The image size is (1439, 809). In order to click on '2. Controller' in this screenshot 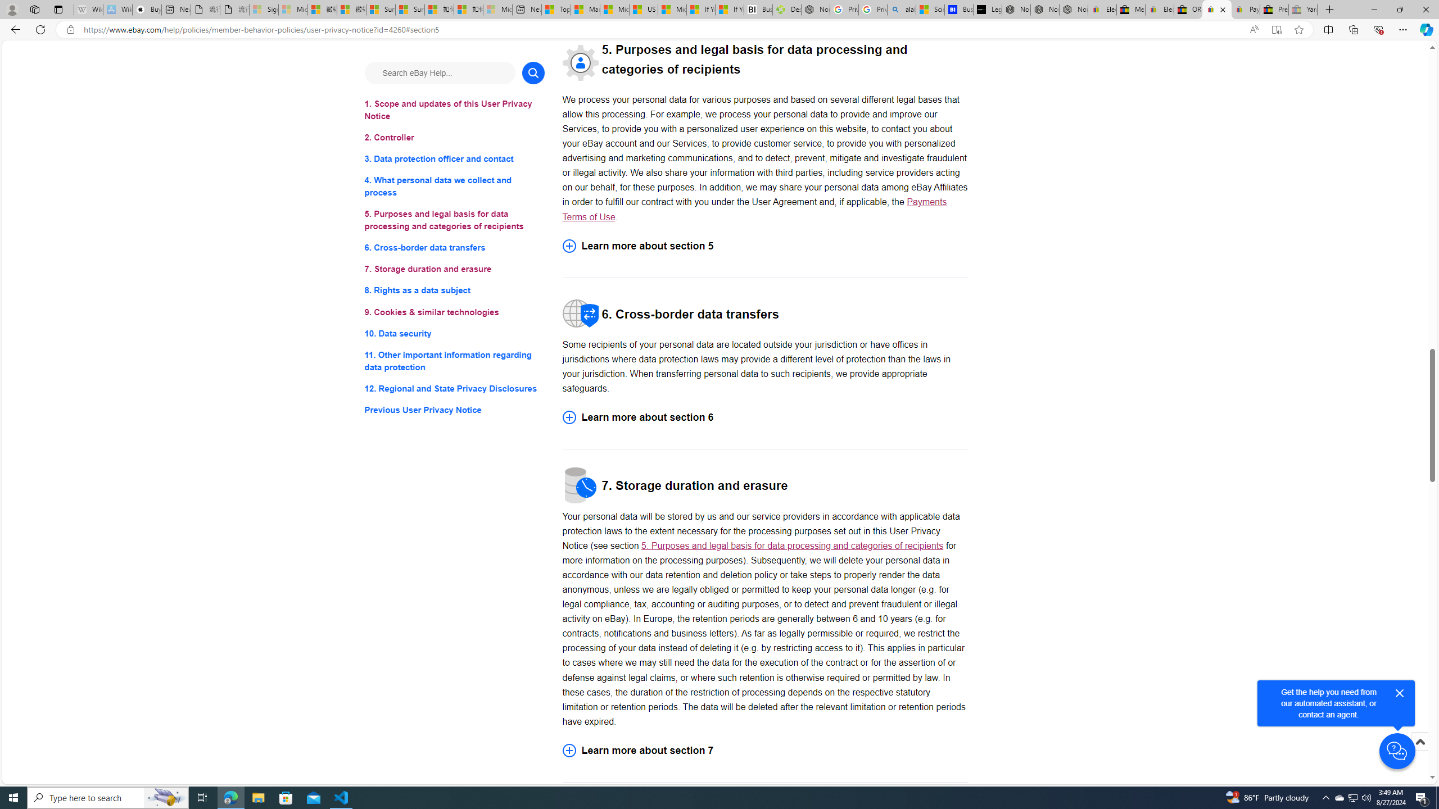, I will do `click(454, 137)`.